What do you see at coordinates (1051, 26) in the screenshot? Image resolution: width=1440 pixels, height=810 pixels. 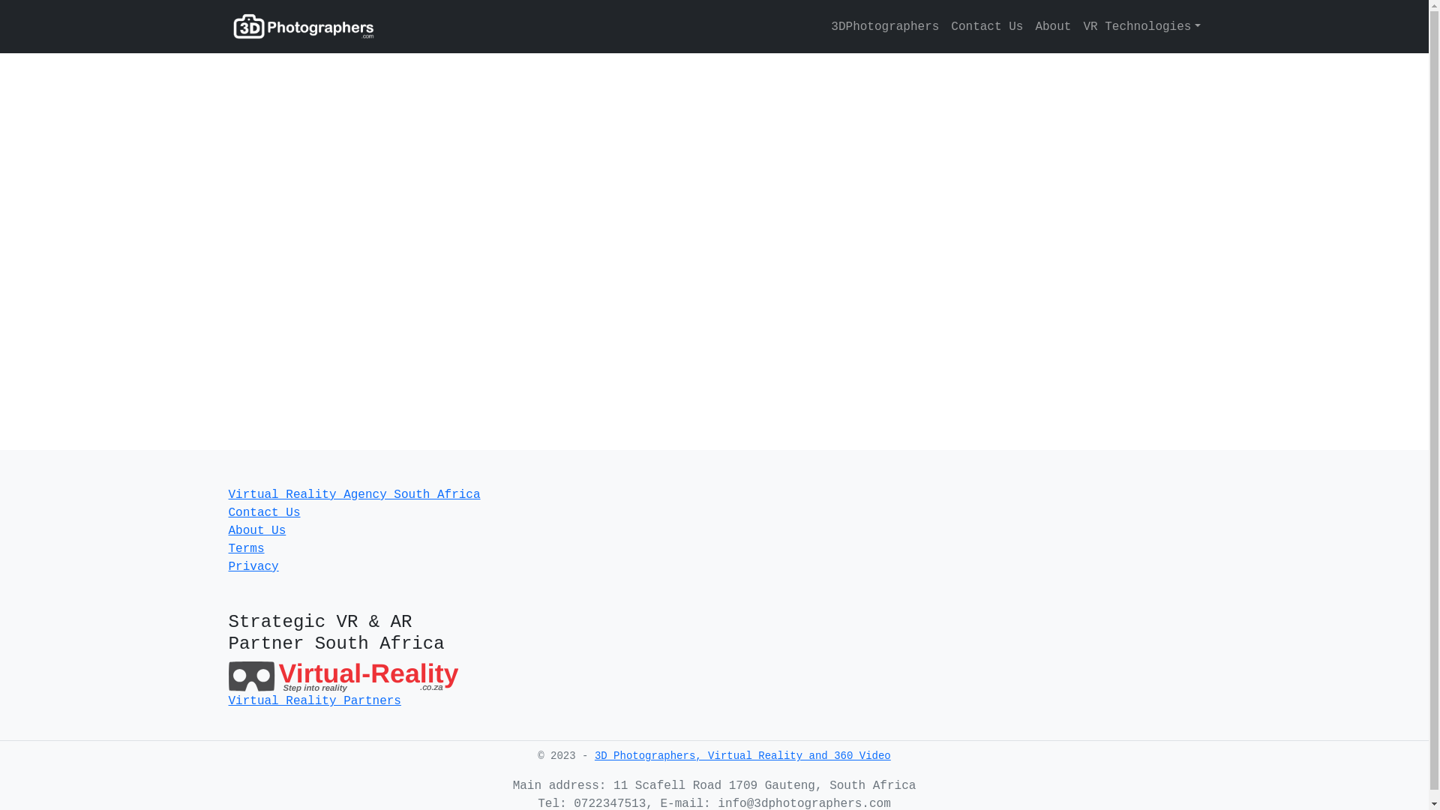 I see `'About'` at bounding box center [1051, 26].